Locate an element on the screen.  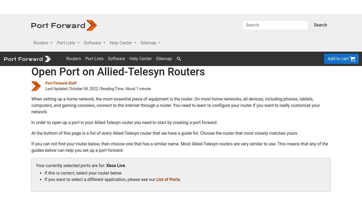
'In order to open up a port in your Allied-Telesyn router you need to start by creating a port forward.' is located at coordinates (124, 71).